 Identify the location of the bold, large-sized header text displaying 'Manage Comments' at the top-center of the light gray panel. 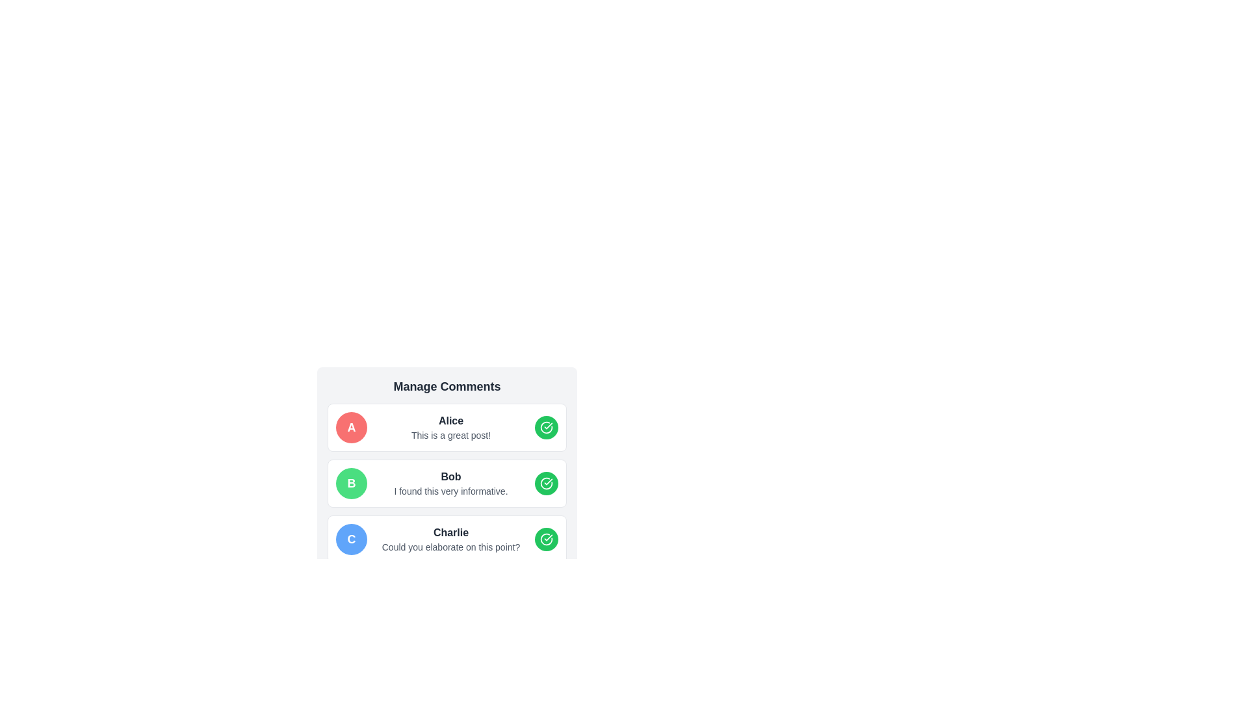
(447, 385).